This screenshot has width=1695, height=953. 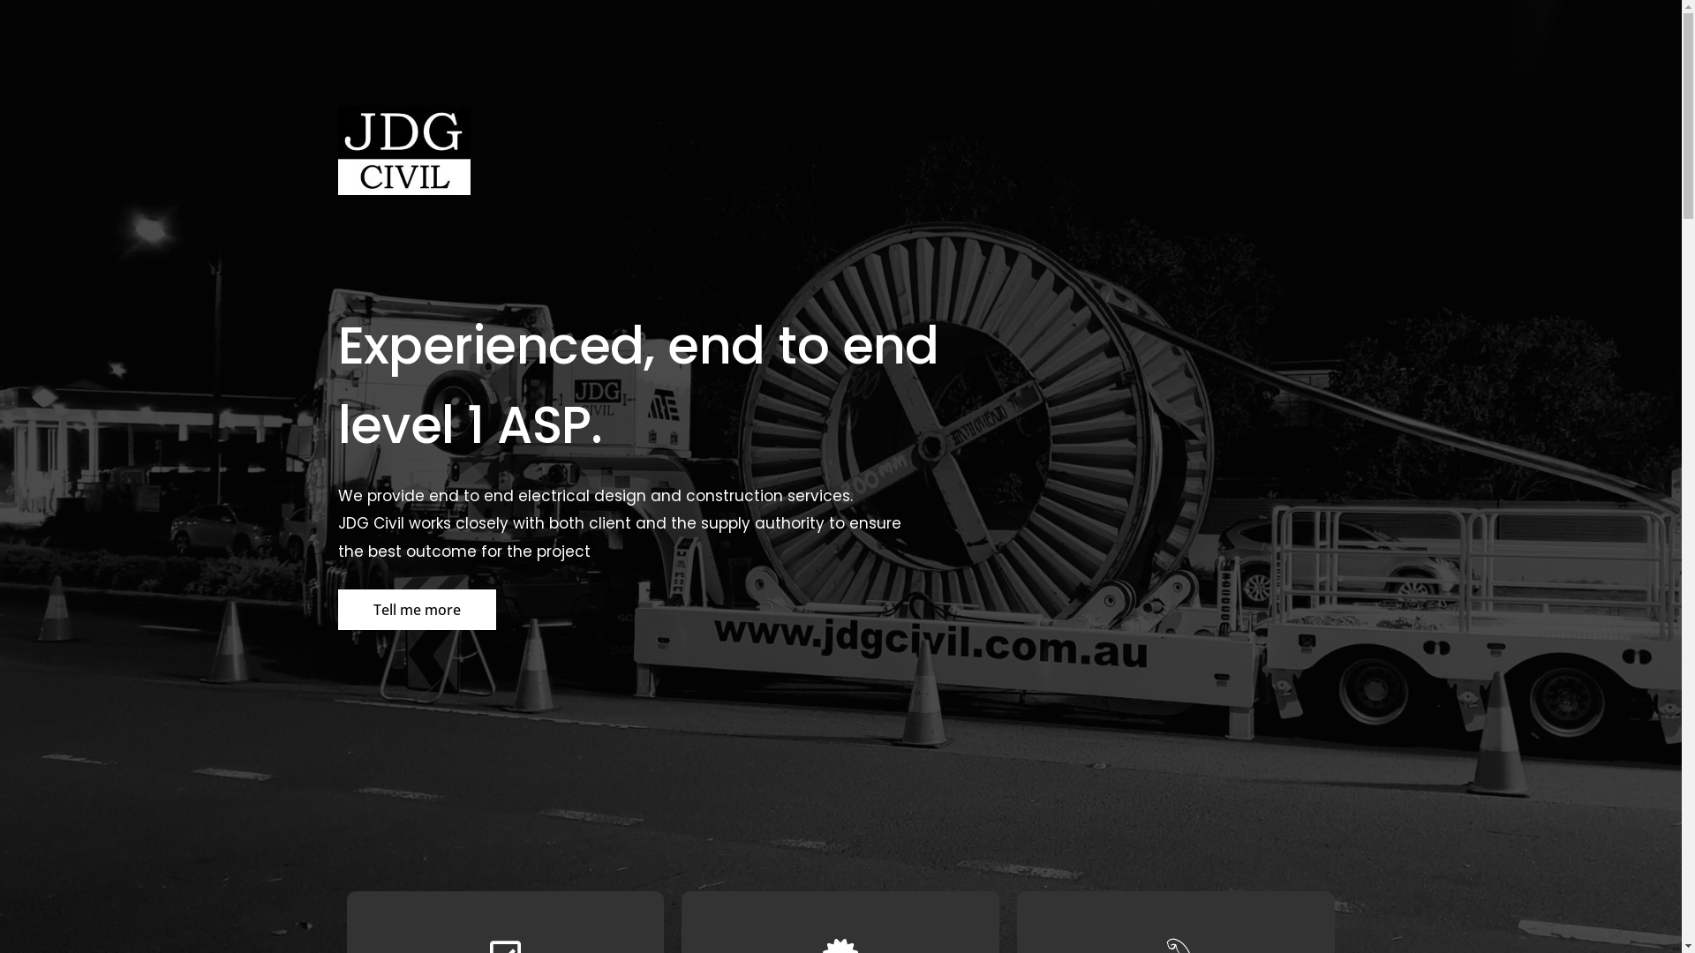 What do you see at coordinates (402, 149) in the screenshot?
I see `'JDG Civil Logo copy'` at bounding box center [402, 149].